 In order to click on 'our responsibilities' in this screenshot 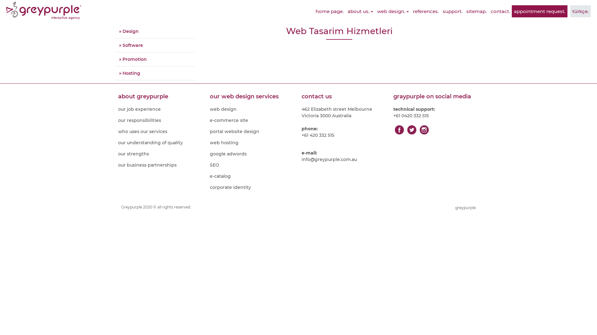, I will do `click(161, 120)`.